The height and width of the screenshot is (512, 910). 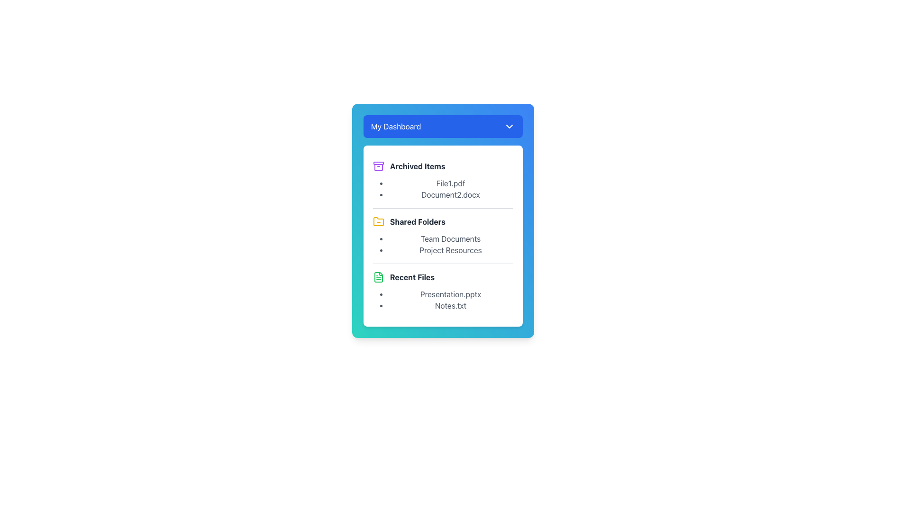 What do you see at coordinates (443, 244) in the screenshot?
I see `items in the Bulleted List containing 'Team Documents' and 'Project Resources', which is positioned below the 'Shared Folders' header` at bounding box center [443, 244].